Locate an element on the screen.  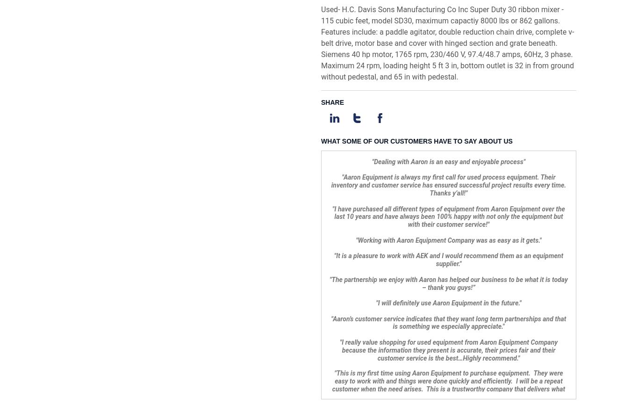
'FOLLOW US' is located at coordinates (500, 321).